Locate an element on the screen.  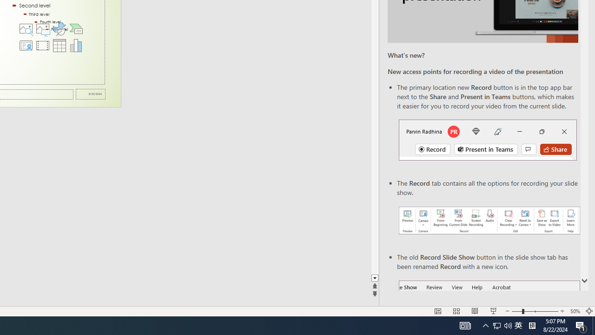
'Zoom 50%' is located at coordinates (575, 311).